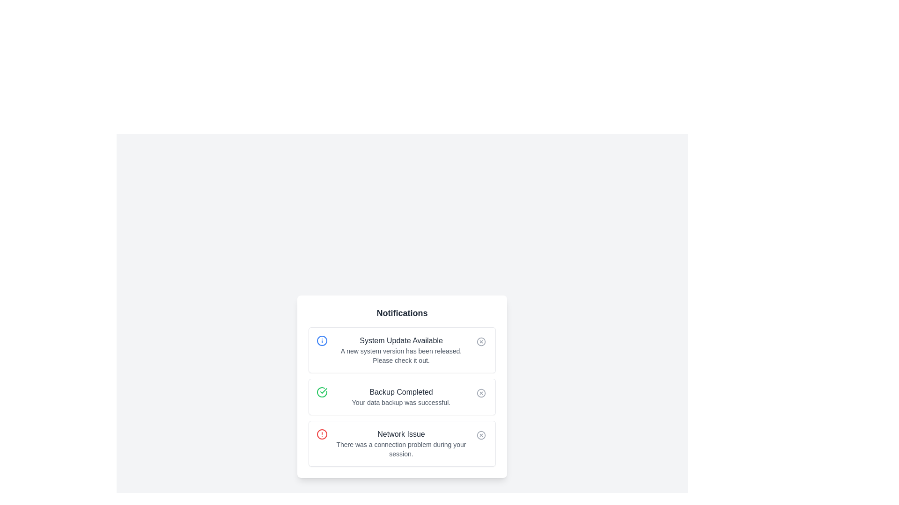  Describe the element at coordinates (322, 434) in the screenshot. I see `the alert icon for the 'Network Issue' notification, located at the leftmost part of the notification item` at that location.